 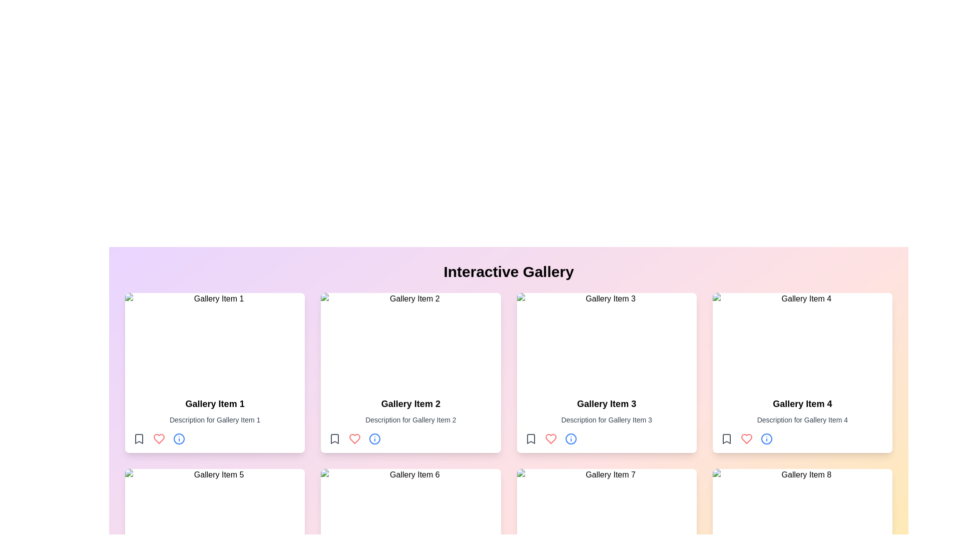 What do you see at coordinates (214, 420) in the screenshot?
I see `the Information Panel displaying 'Gallery Item 1' with the subtitle 'Description for Gallery Item 1', located in the lower part of the first card in the gallery grid` at bounding box center [214, 420].